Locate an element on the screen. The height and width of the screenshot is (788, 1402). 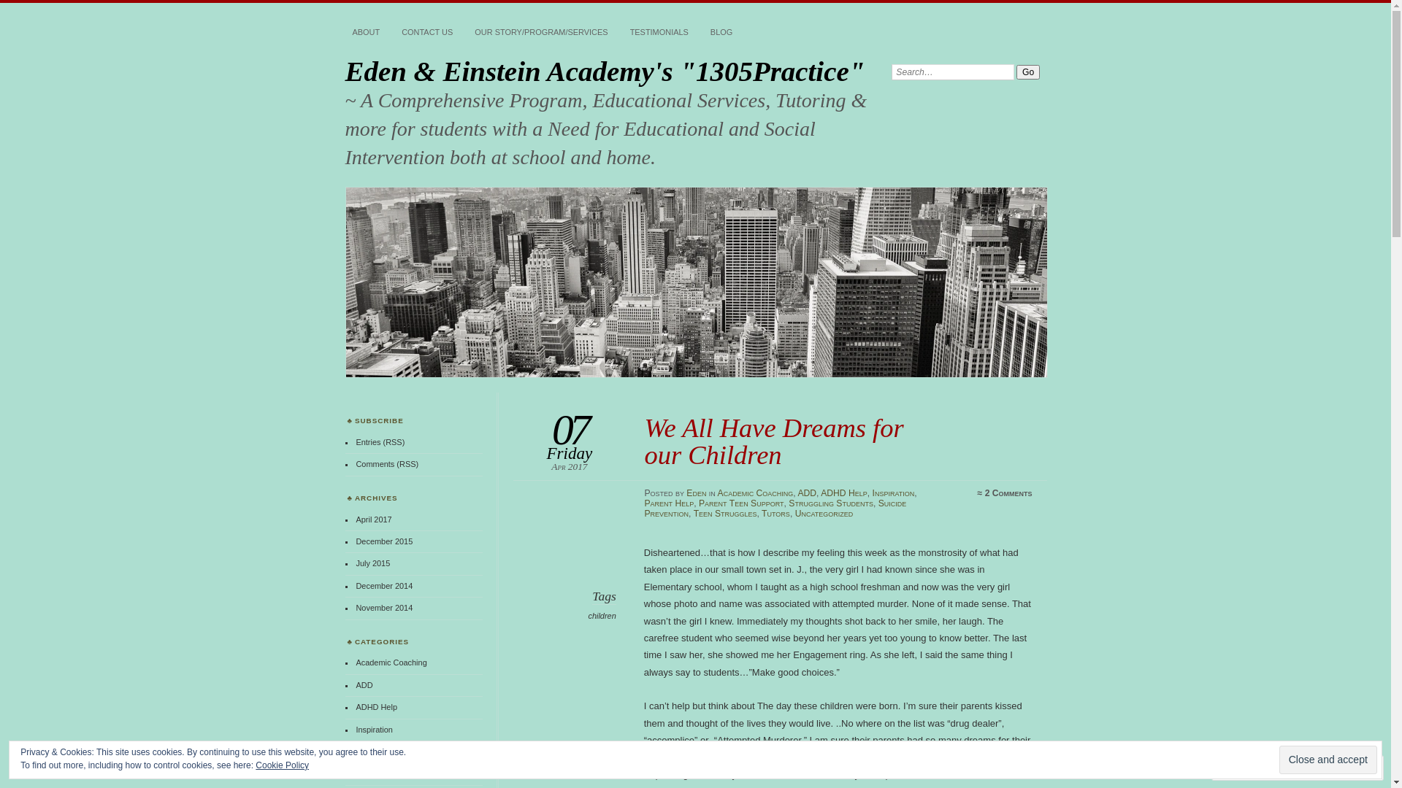
'2 Comments' is located at coordinates (984, 492).